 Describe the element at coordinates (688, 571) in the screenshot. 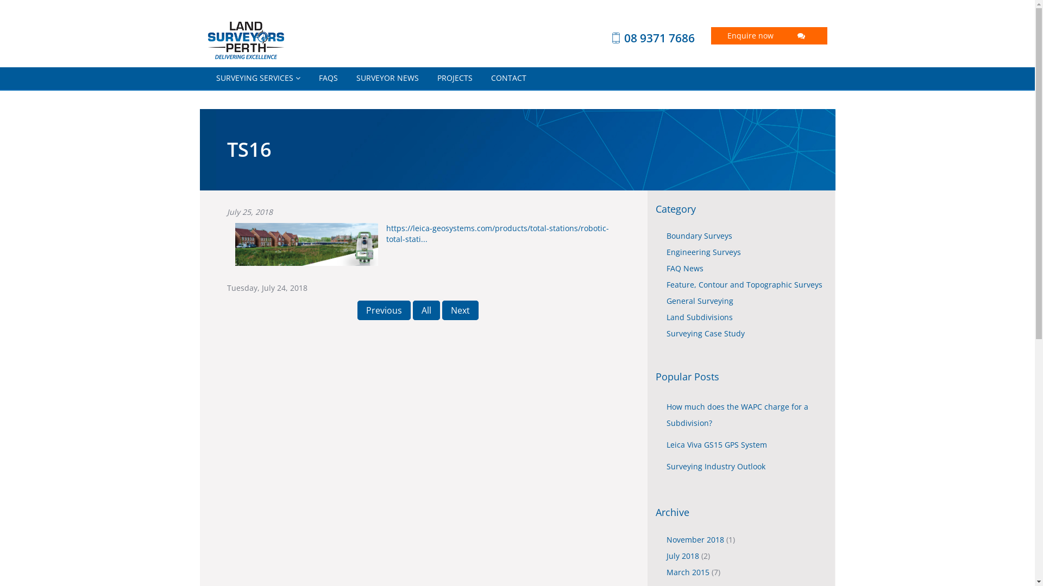

I see `'March 2015'` at that location.